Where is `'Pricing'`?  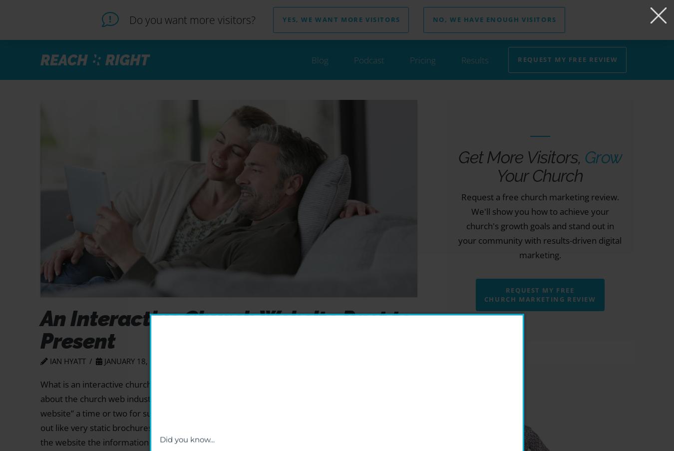
'Pricing' is located at coordinates (422, 59).